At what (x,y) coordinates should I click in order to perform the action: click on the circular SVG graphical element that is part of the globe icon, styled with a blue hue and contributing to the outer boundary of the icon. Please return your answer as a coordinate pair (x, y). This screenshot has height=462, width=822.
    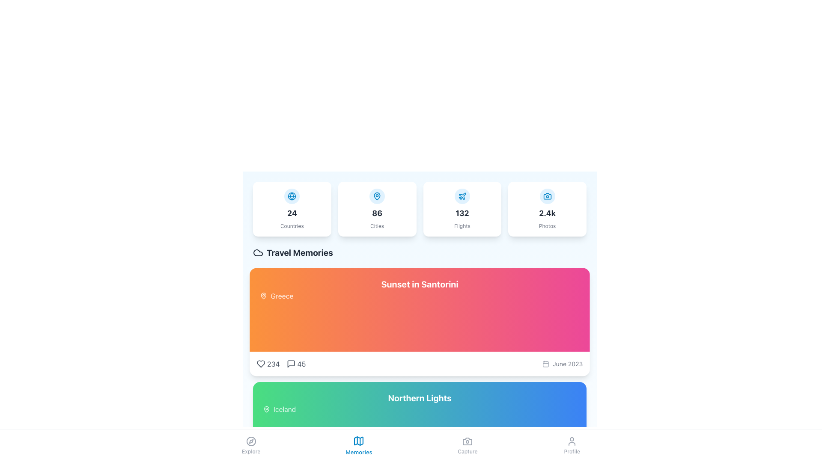
    Looking at the image, I should click on (292, 196).